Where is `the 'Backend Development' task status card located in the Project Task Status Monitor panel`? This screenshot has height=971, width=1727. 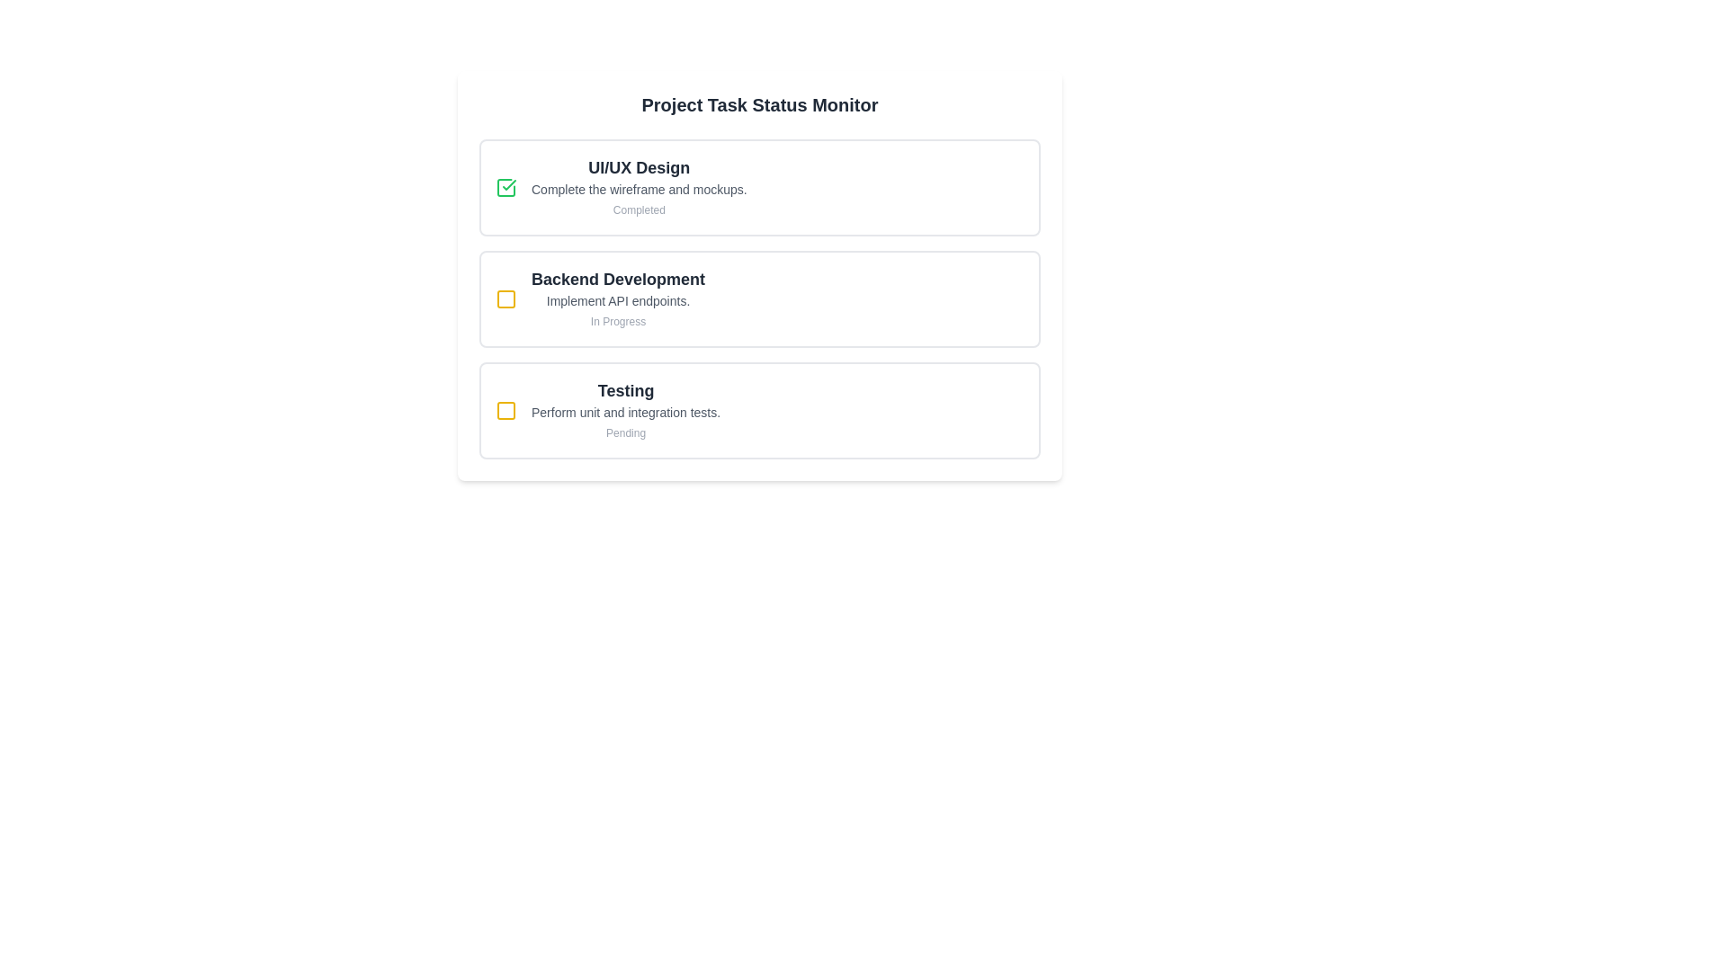
the 'Backend Development' task status card located in the Project Task Status Monitor panel is located at coordinates (759, 298).